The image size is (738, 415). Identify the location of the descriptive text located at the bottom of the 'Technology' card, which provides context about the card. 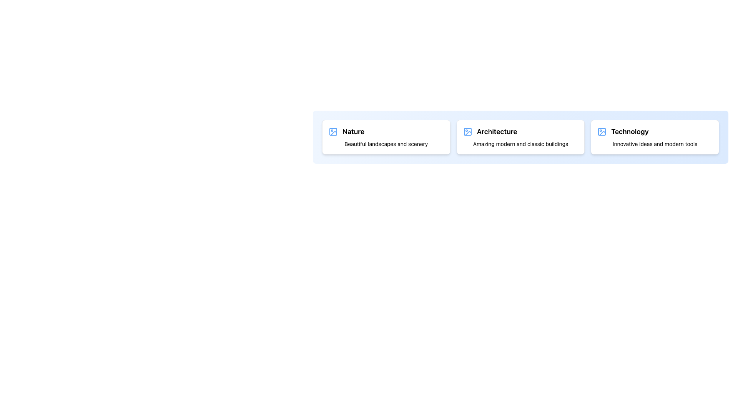
(655, 144).